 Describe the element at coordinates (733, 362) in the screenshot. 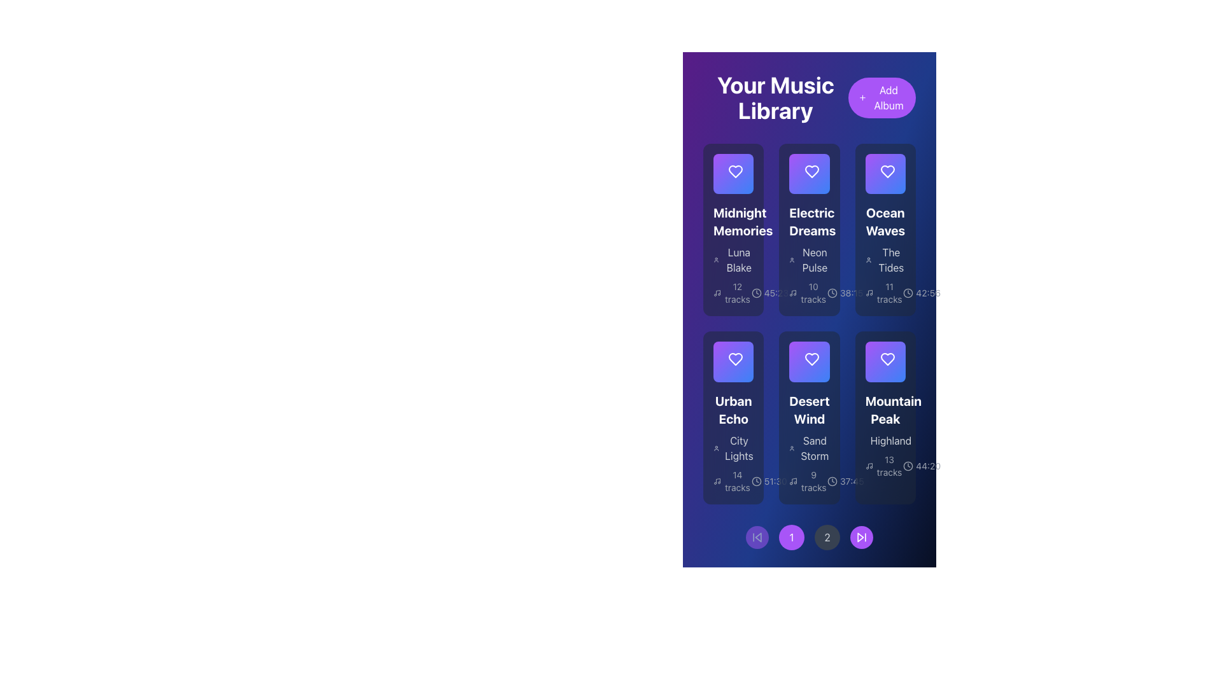

I see `the interactive 'like' button for the 'Urban Echo' album located within its card in the music library interface` at that location.